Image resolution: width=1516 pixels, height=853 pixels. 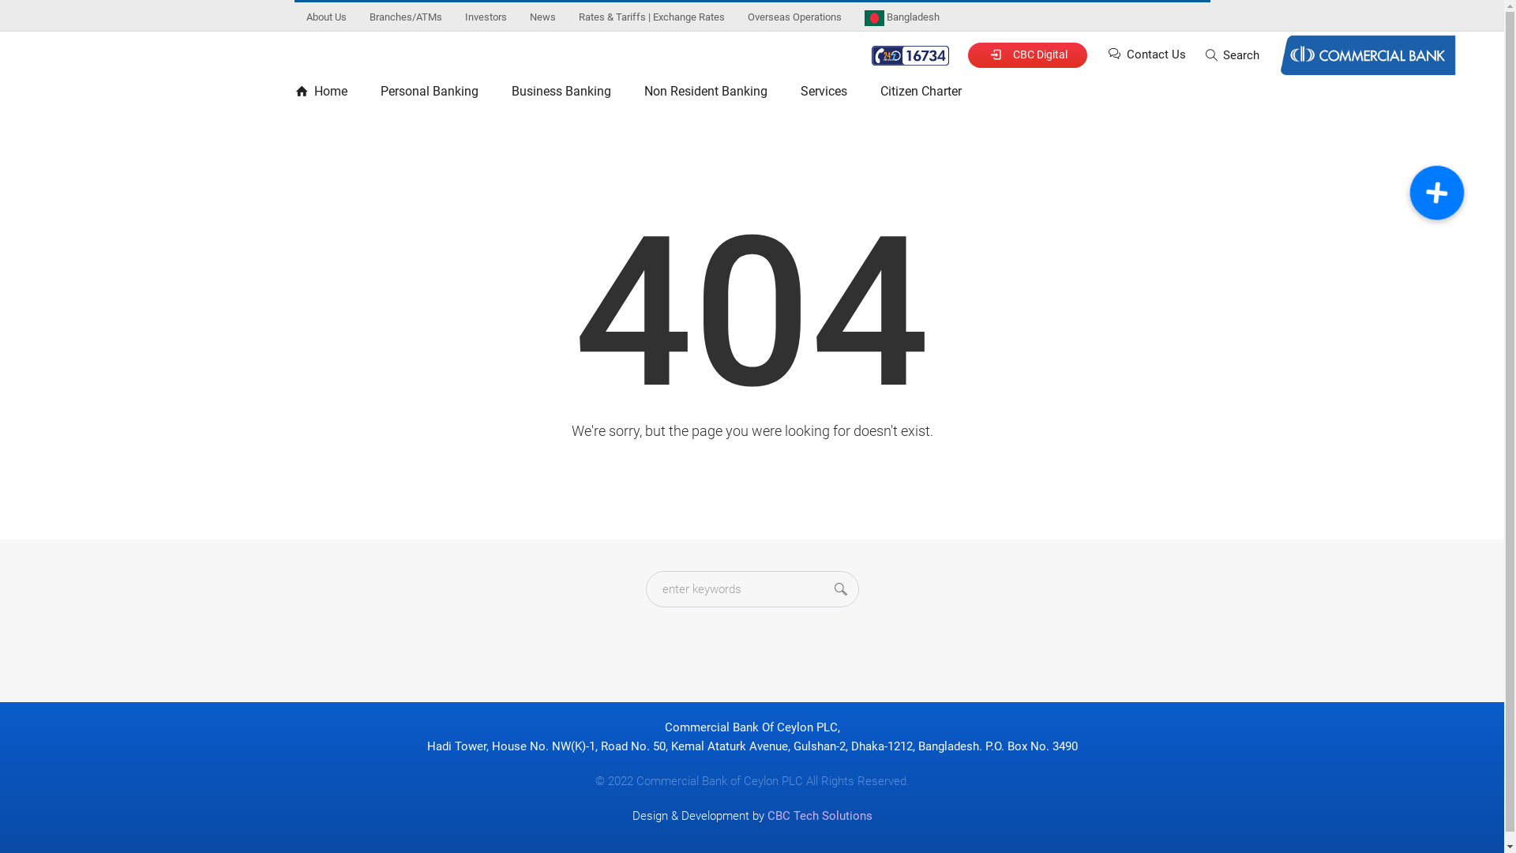 I want to click on 'Home', so click(x=328, y=94).